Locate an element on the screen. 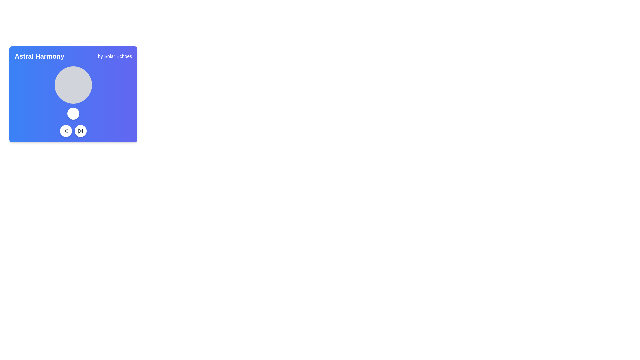  the leftmost circular button located at the bottom center of the card interface is located at coordinates (66, 131).